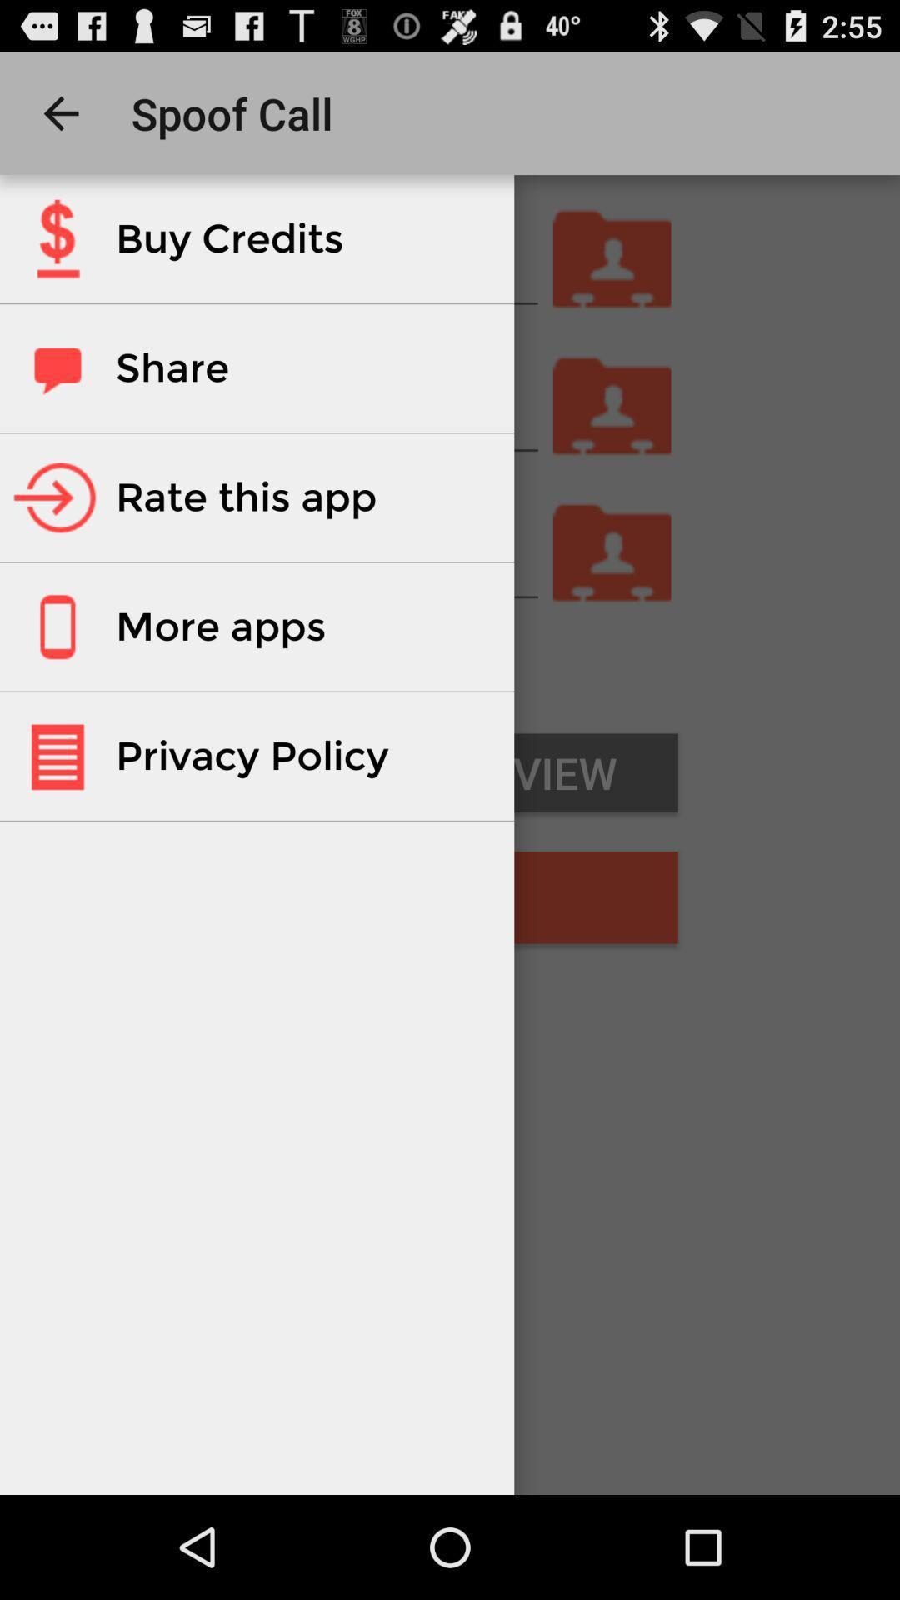  I want to click on the folder icon, so click(612, 438).